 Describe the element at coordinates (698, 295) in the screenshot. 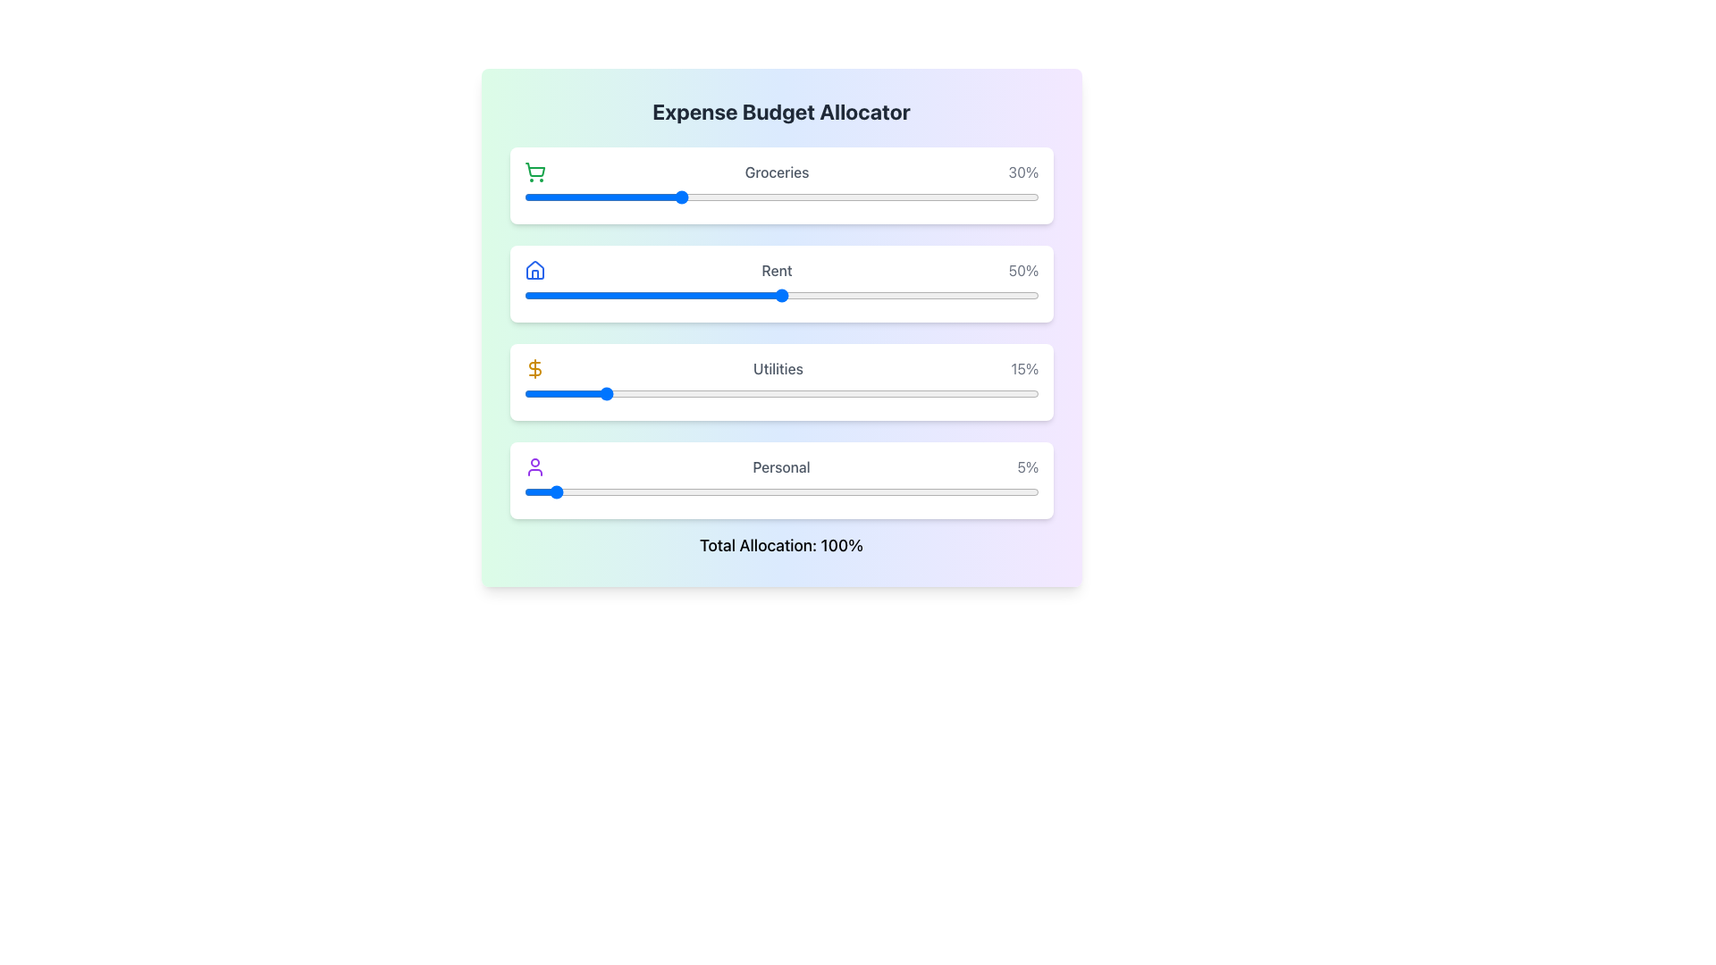

I see `the rent allocation` at that location.